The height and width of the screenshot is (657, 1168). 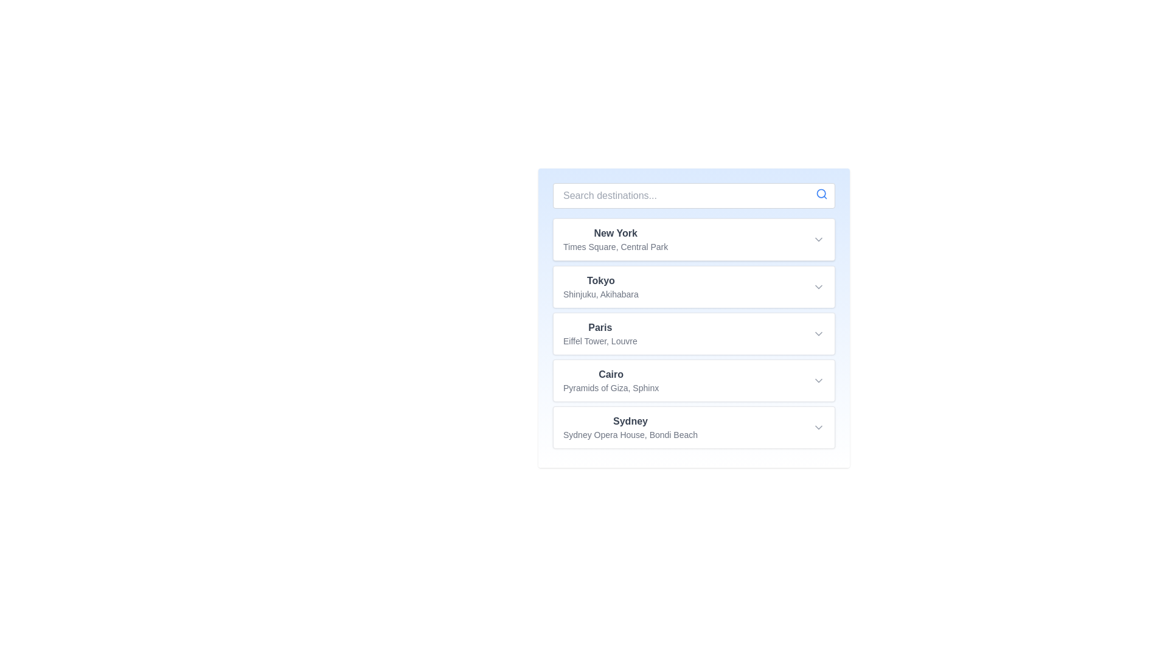 What do you see at coordinates (600, 341) in the screenshot?
I see `the text label displaying 'Eiffel Tower, Louvre' located directly below the bold 'Paris' text` at bounding box center [600, 341].